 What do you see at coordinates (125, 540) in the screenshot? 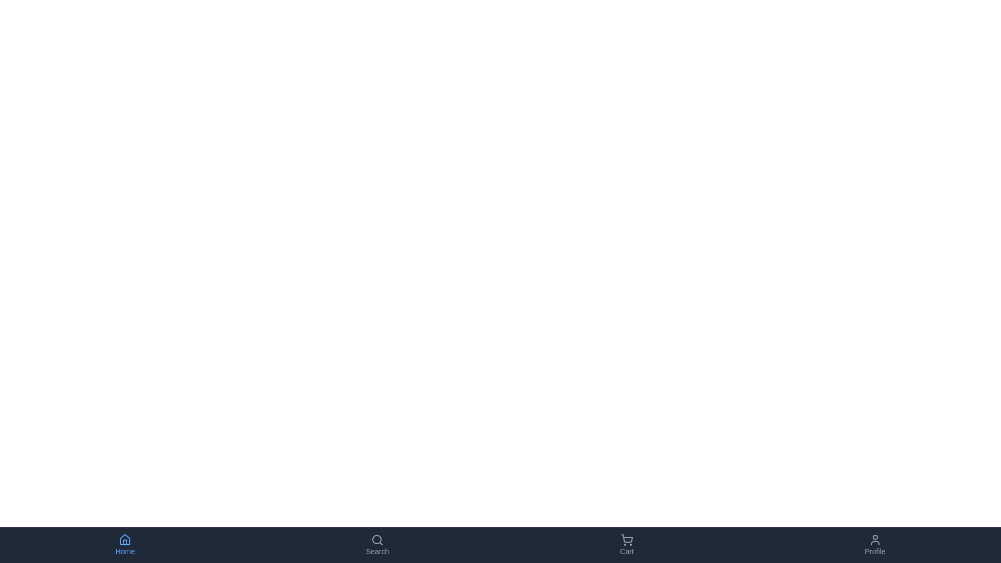
I see `the house-shaped icon with a blue outline located above the text 'Home'` at bounding box center [125, 540].